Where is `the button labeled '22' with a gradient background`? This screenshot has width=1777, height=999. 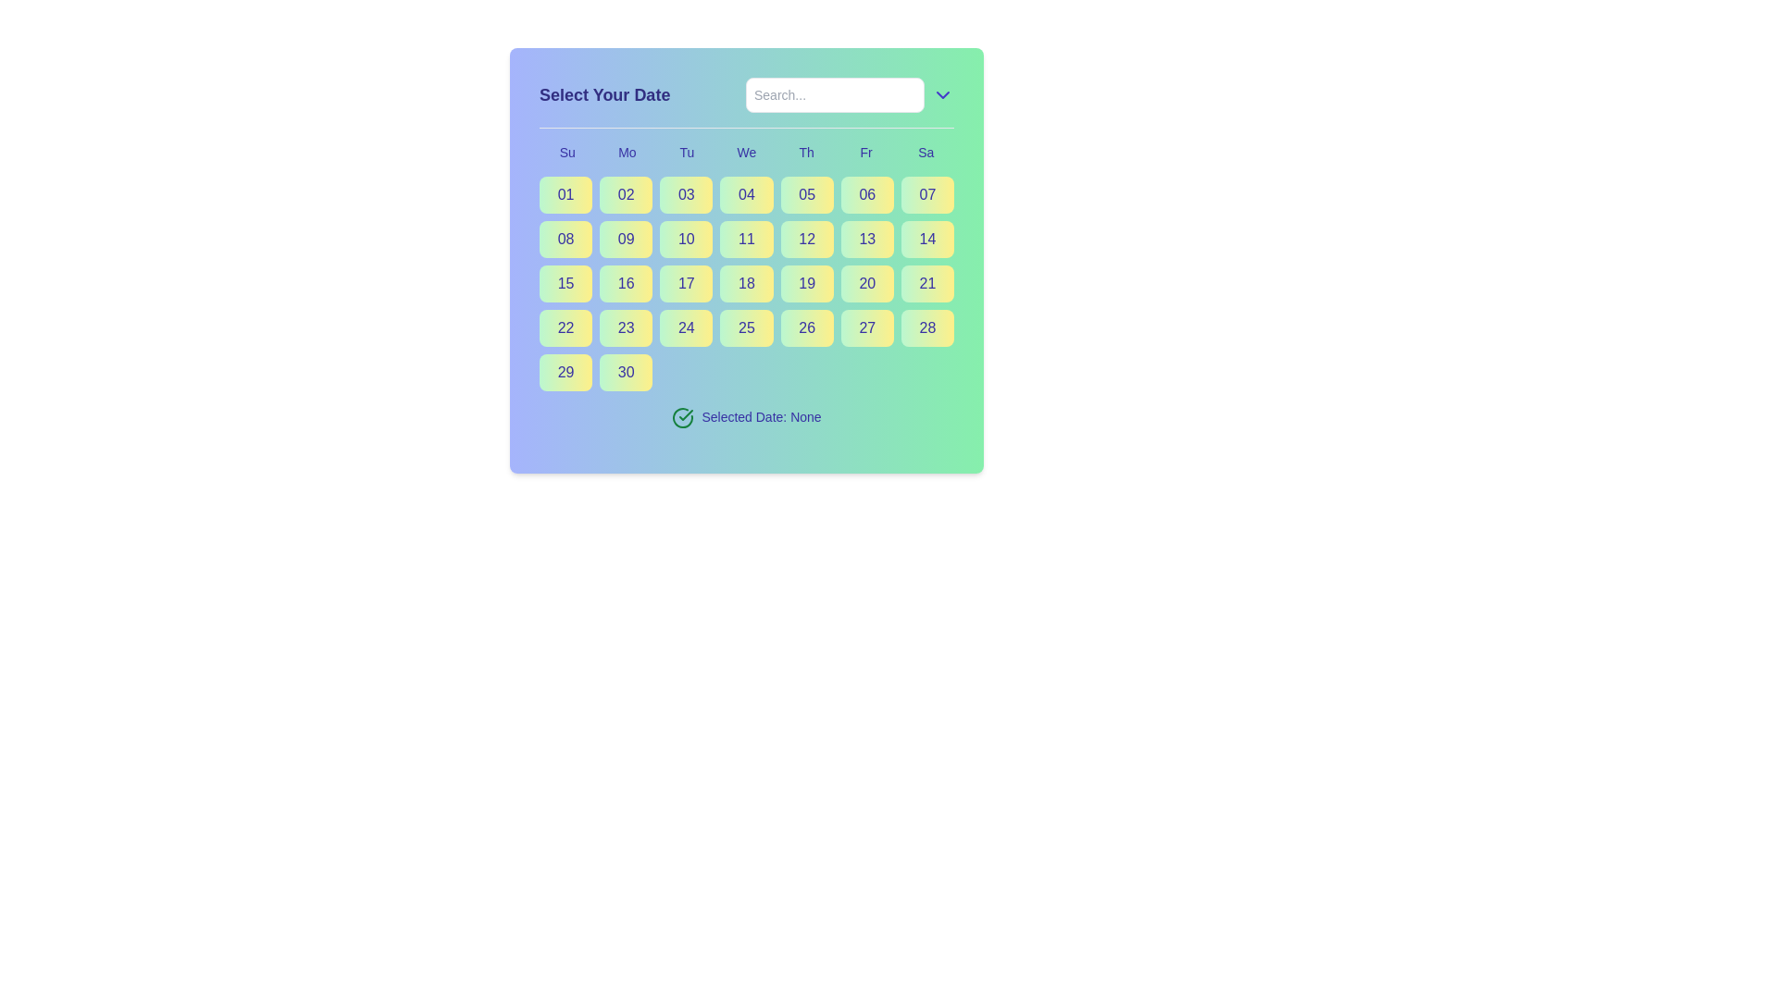 the button labeled '22' with a gradient background is located at coordinates (565, 327).